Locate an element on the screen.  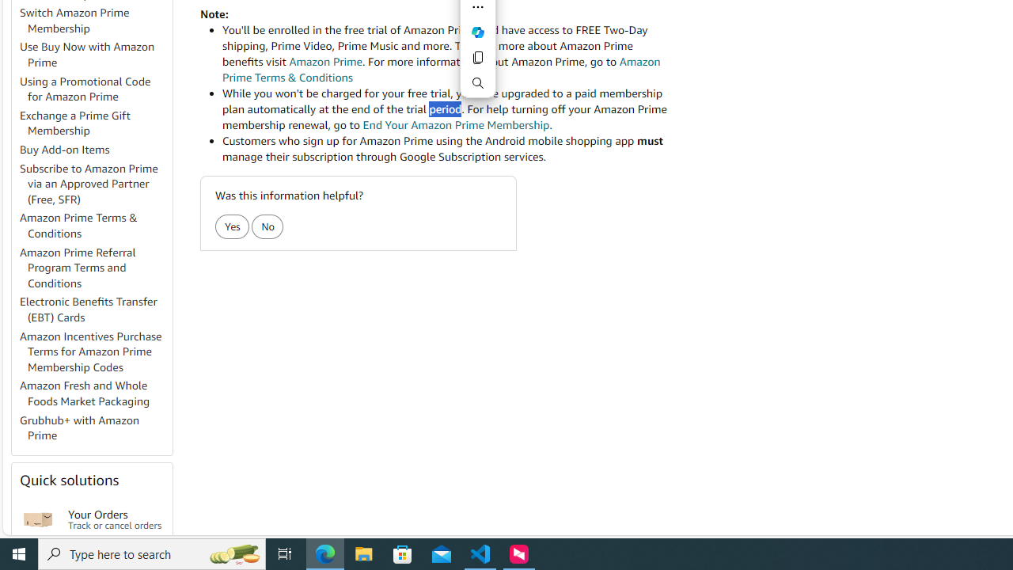
'Using a Promotional Code for Amazon Prime' is located at coordinates (94, 89).